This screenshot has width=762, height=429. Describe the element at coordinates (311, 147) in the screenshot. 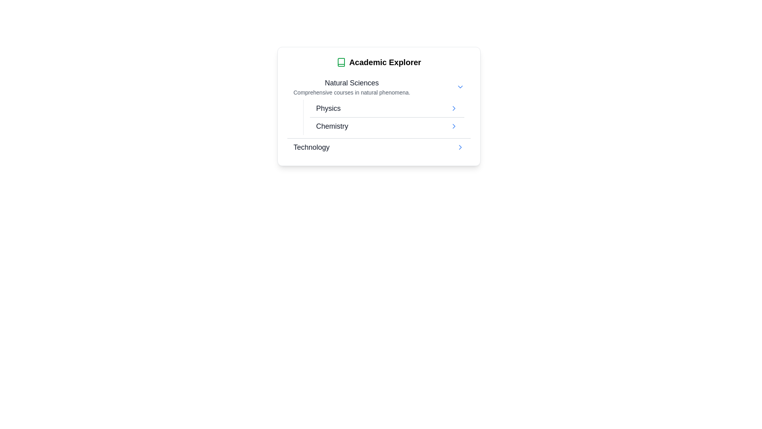

I see `the 'Technology' text label located in the bottom section of the 'Academic Explorer' menu` at that location.